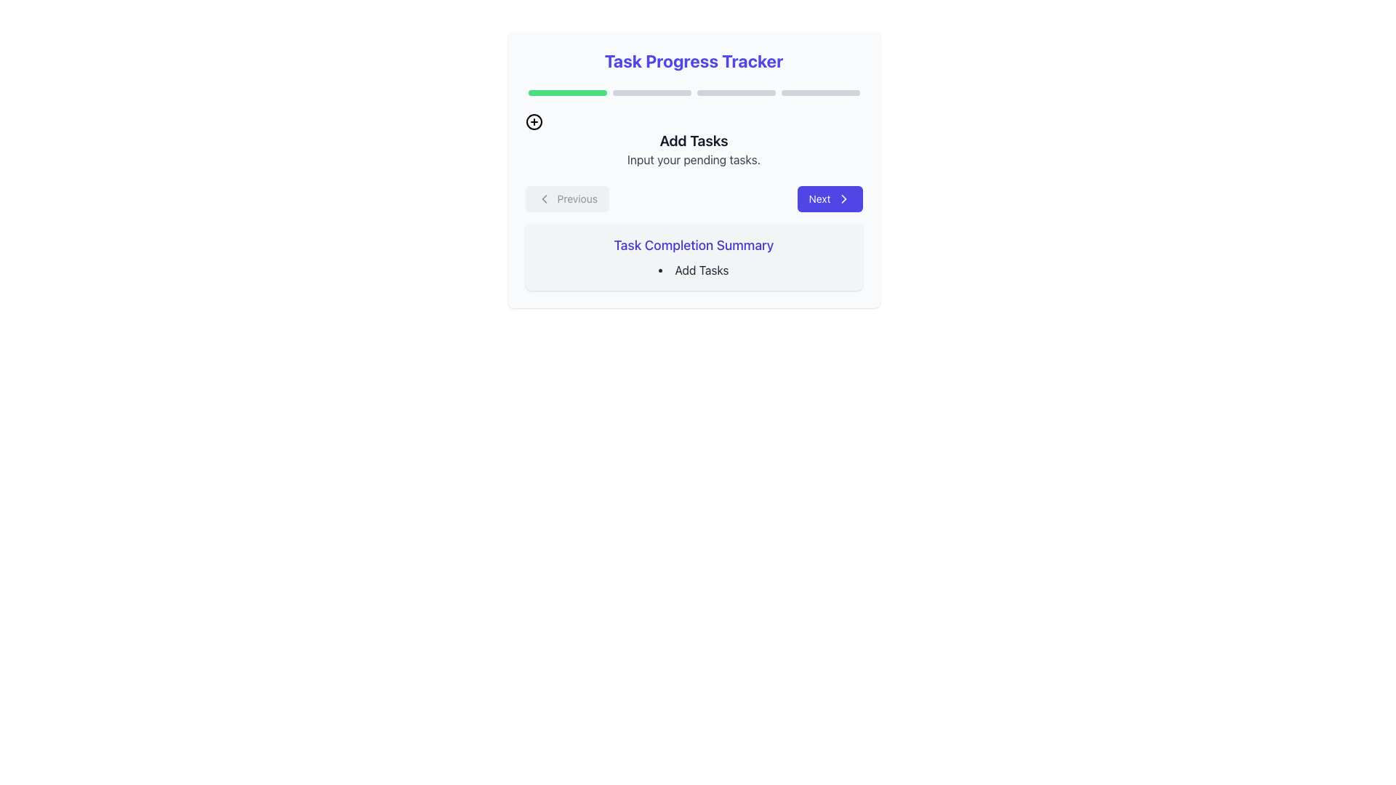 This screenshot has height=785, width=1396. I want to click on the fourth segment of the progress bar, which visually indicates the final stage of a process and is positioned to the right of three segments, with the first being green and the others light gray, so click(820, 92).